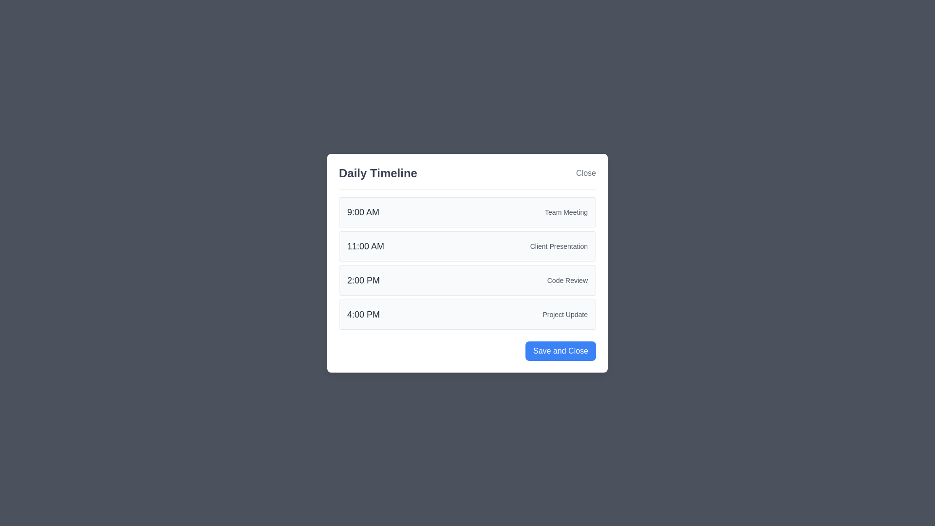 This screenshot has width=935, height=526. I want to click on the 'Save and Close' button to close the dialog, so click(561, 351).